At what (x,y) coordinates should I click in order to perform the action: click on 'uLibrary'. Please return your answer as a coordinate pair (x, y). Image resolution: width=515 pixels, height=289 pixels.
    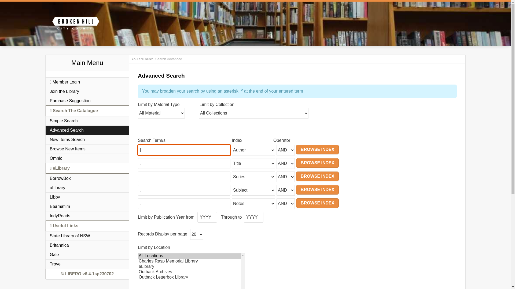
    Looking at the image, I should click on (87, 187).